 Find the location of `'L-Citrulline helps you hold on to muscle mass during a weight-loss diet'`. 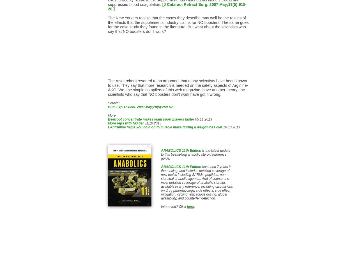

'L-Citrulline helps you hold on to muscle mass during a weight-loss diet' is located at coordinates (165, 127).